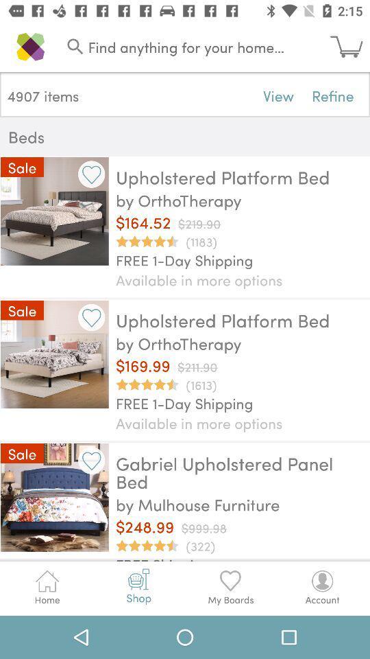  I want to click on the item to the right of find anything for, so click(350, 47).